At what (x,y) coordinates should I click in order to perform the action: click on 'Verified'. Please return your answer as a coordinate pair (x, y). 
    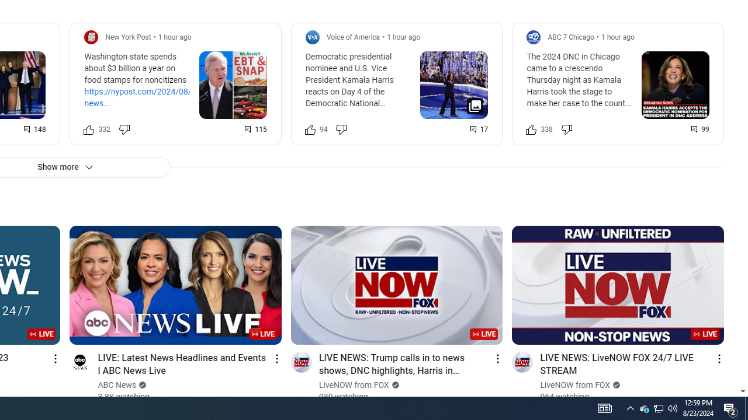
    Looking at the image, I should click on (615, 385).